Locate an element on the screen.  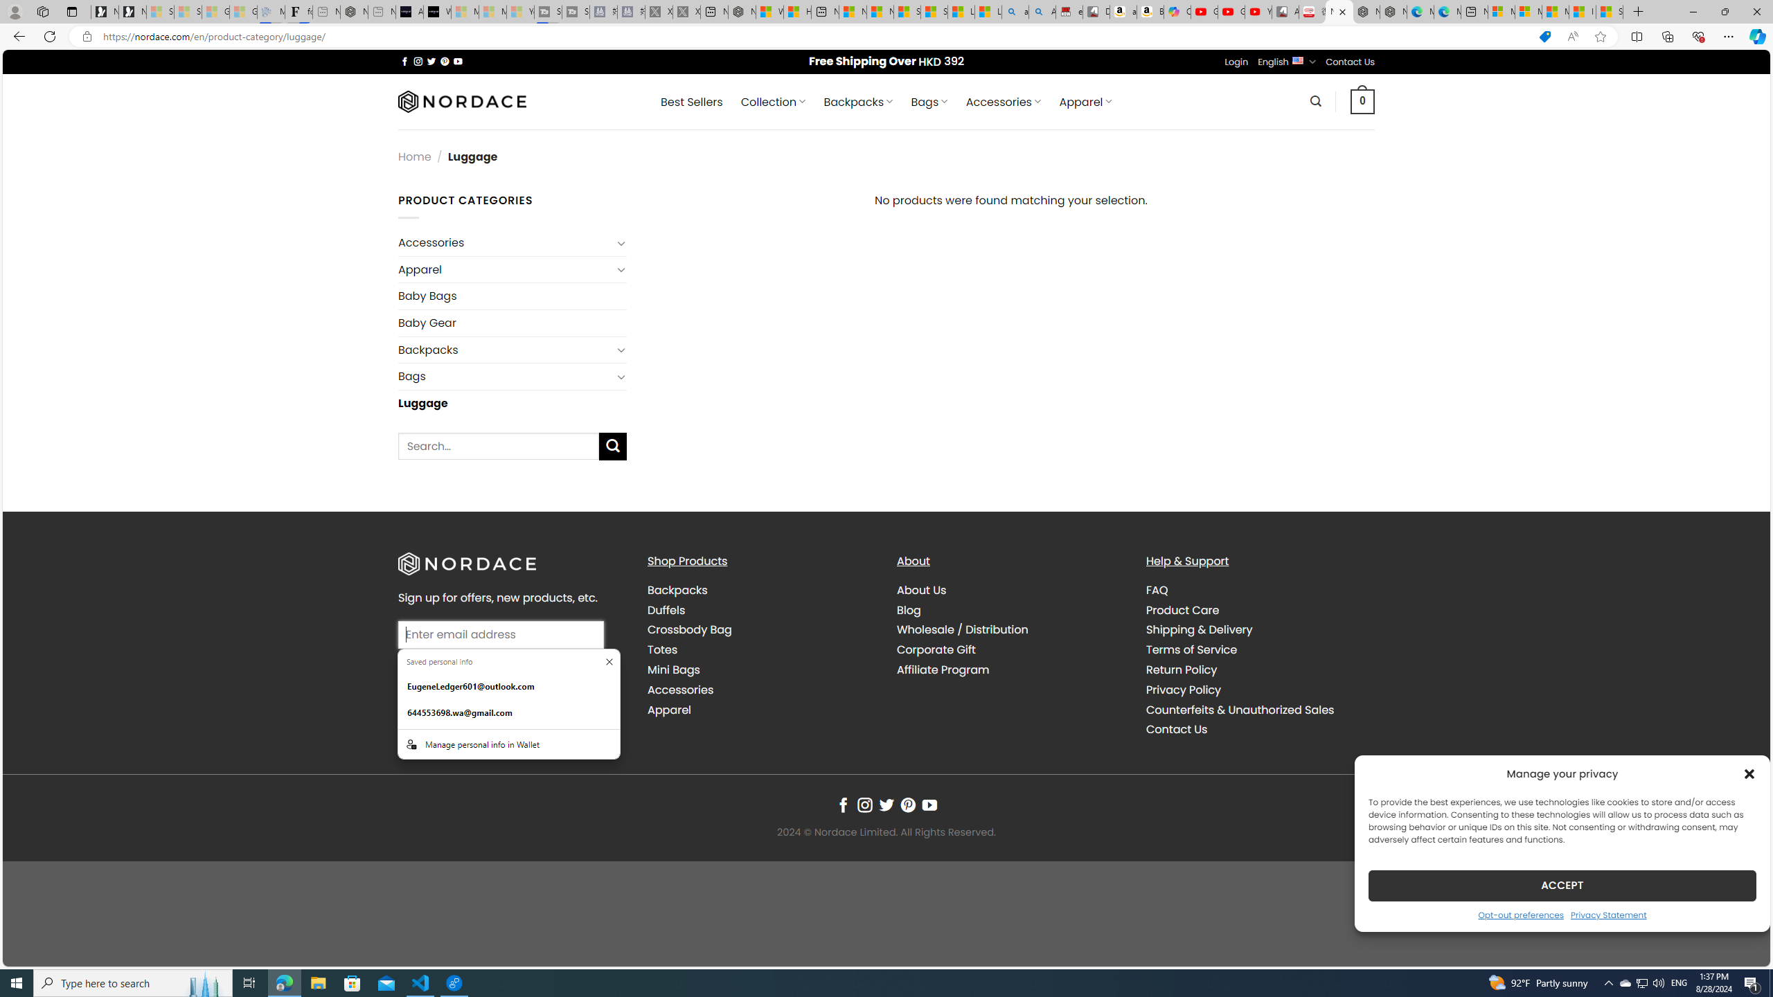
'All Cubot phones' is located at coordinates (1285, 11).